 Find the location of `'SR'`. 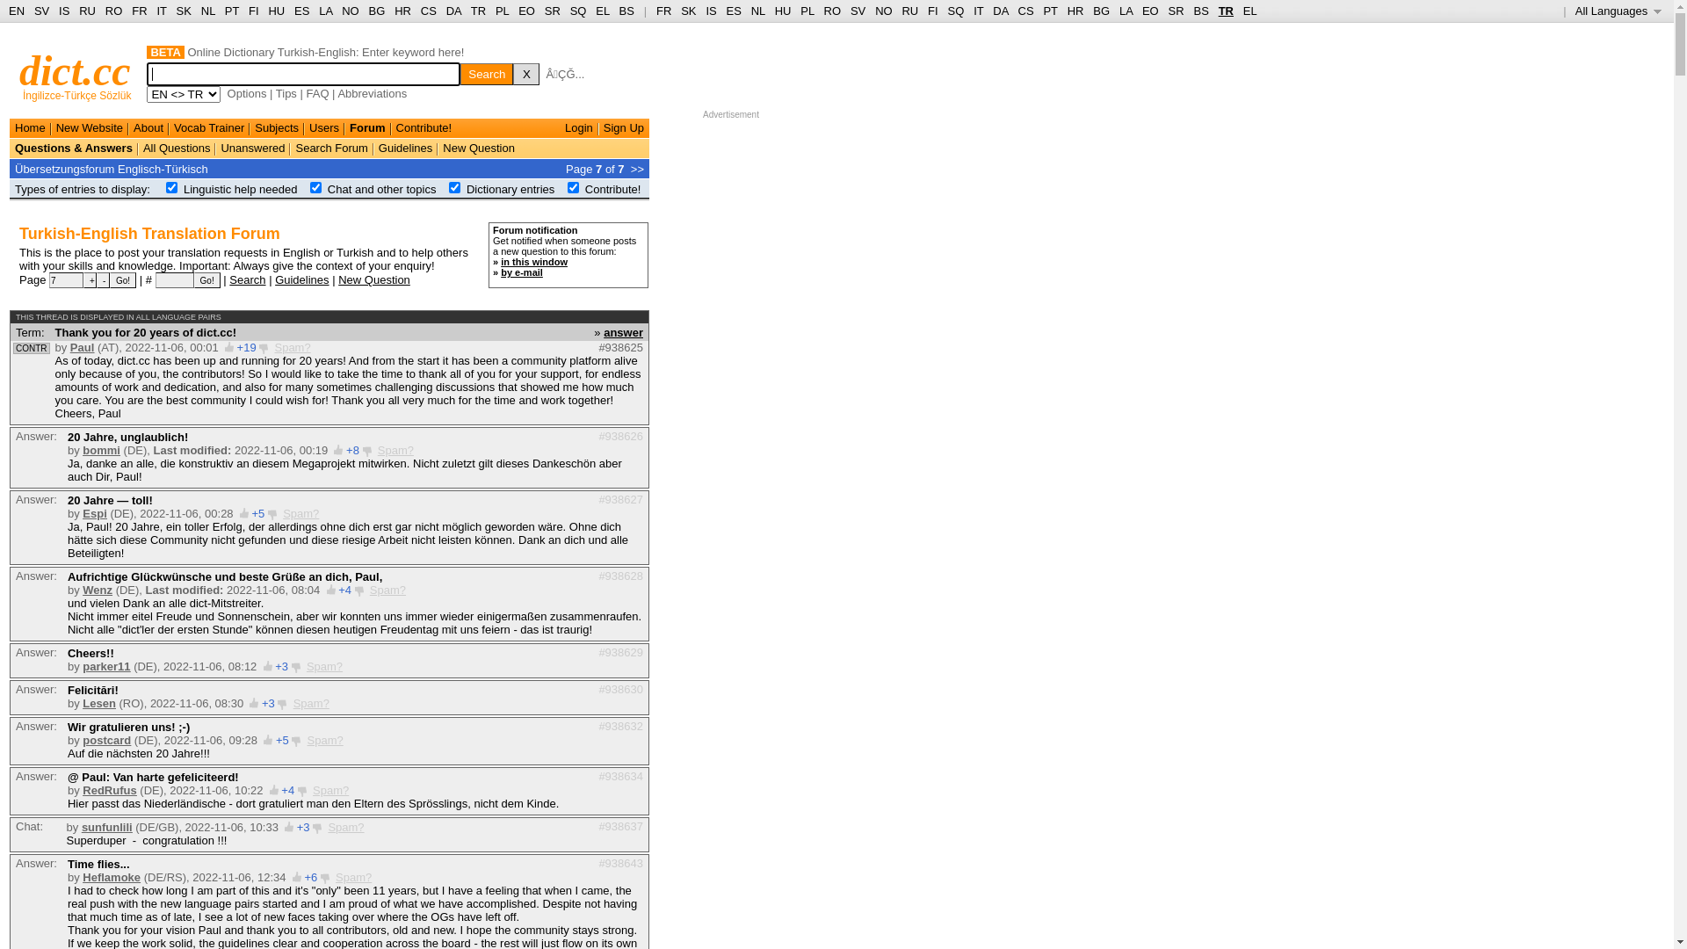

'SR' is located at coordinates (551, 11).